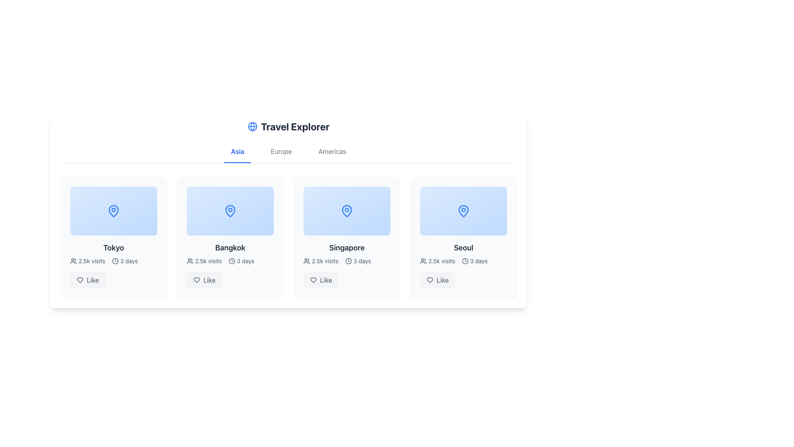 This screenshot has width=794, height=447. What do you see at coordinates (232, 261) in the screenshot?
I see `the SVG Circle component representing the body of the clock icon, which is located adjacent to the '3 days' text at the bottom of the card associated with Bangkok` at bounding box center [232, 261].